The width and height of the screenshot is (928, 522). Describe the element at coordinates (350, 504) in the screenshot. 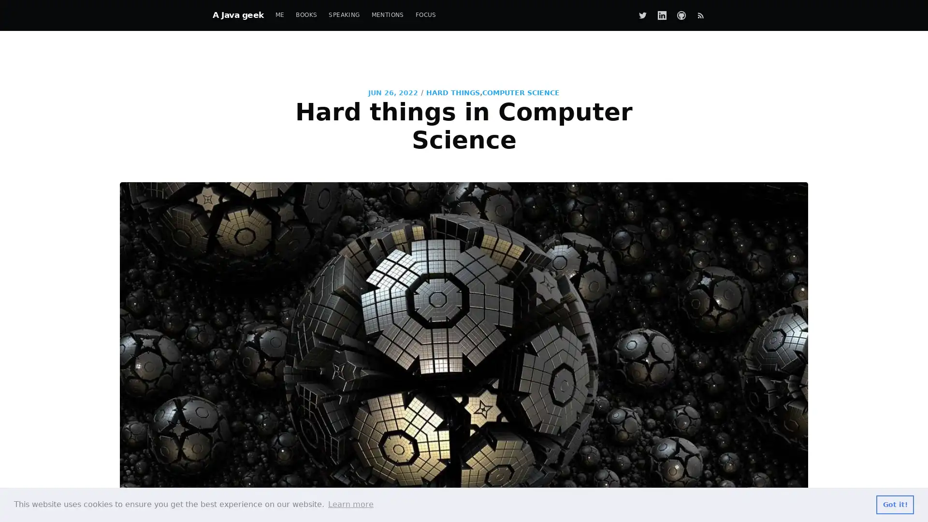

I see `learn more about cookies` at that location.